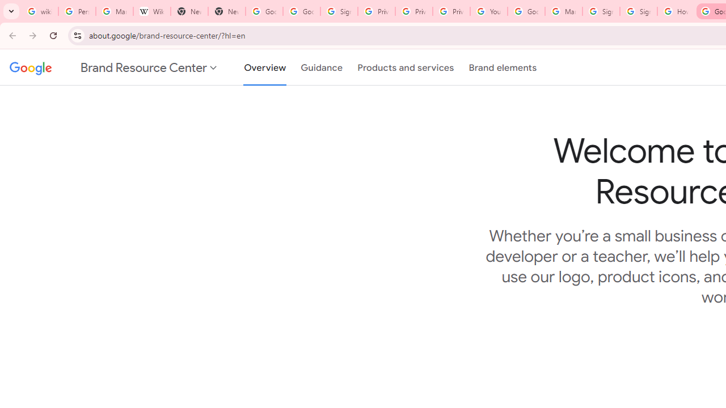 This screenshot has height=408, width=726. I want to click on 'YouTube', so click(489, 11).